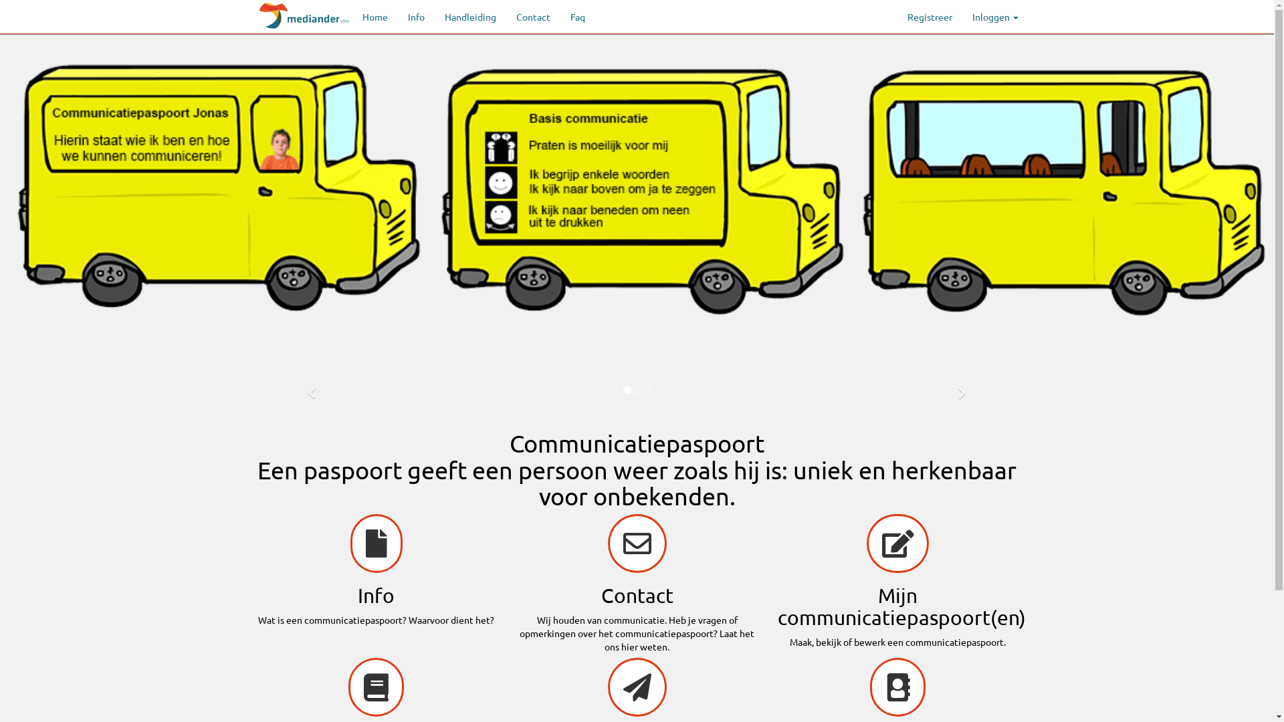 The image size is (1284, 722). I want to click on 'Info, so click(374, 571).